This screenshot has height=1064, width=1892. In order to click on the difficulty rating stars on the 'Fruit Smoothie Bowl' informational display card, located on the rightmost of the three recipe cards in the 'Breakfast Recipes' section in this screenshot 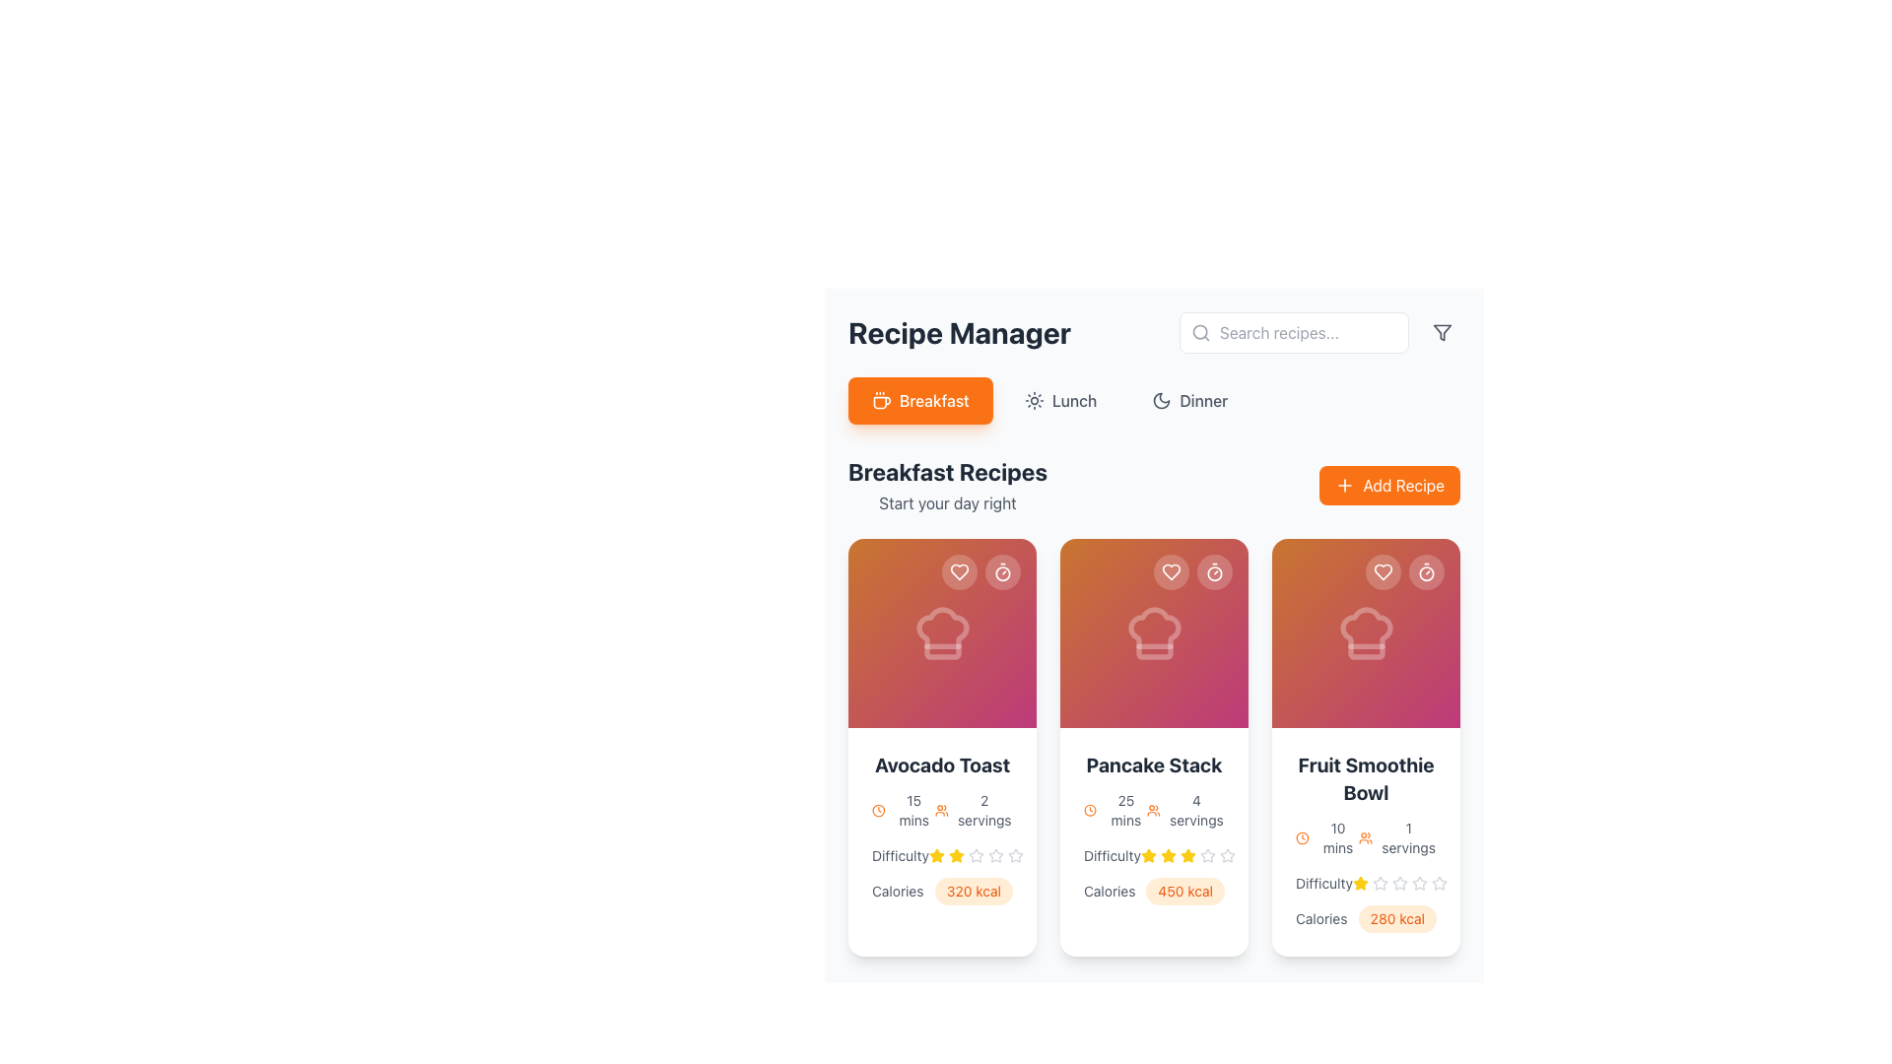, I will do `click(1365, 842)`.